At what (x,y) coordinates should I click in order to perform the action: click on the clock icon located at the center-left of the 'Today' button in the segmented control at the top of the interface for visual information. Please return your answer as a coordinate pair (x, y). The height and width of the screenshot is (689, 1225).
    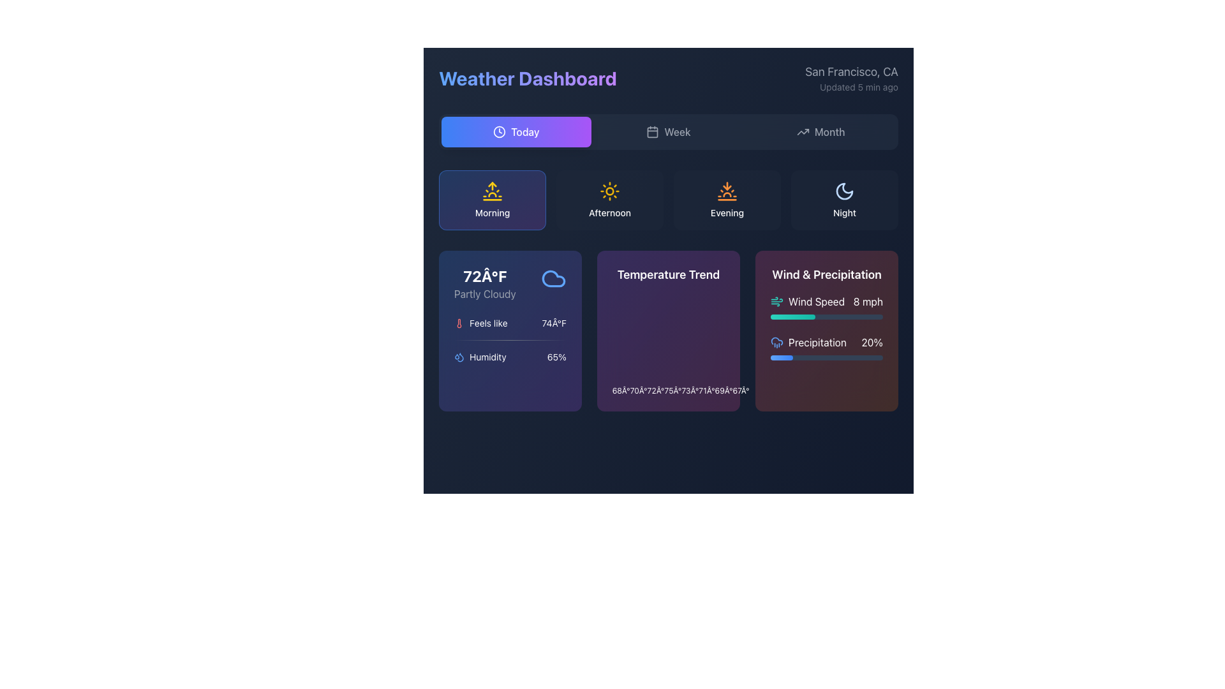
    Looking at the image, I should click on (498, 132).